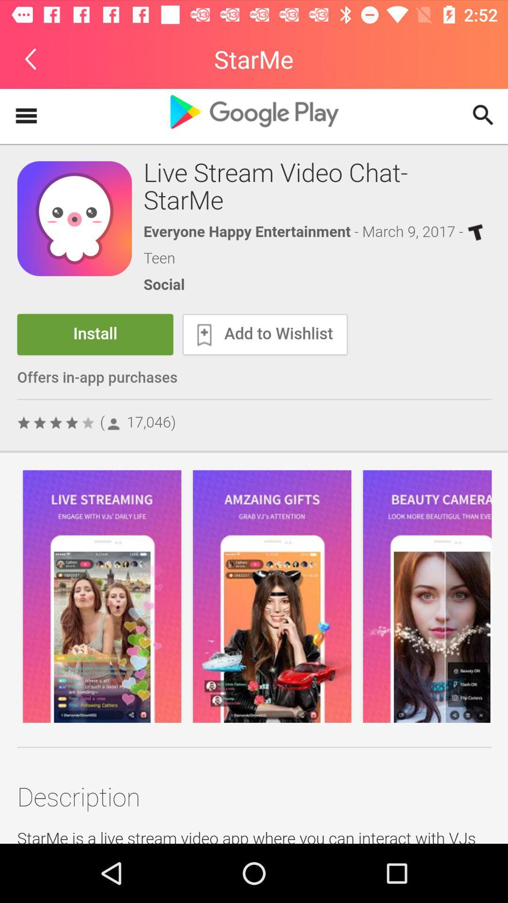  What do you see at coordinates (254, 466) in the screenshot?
I see `advertisement` at bounding box center [254, 466].